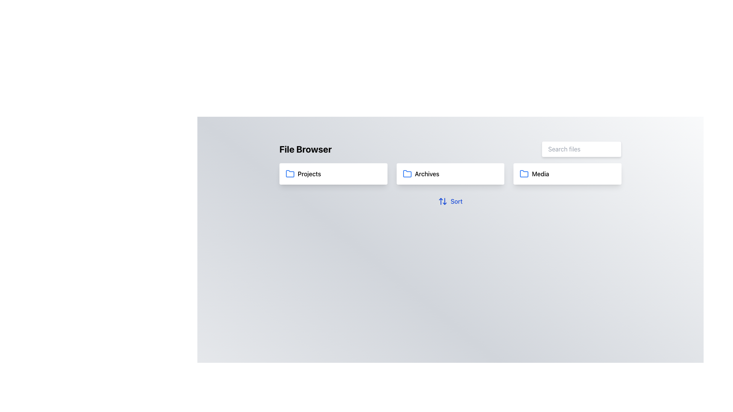  What do you see at coordinates (407, 174) in the screenshot?
I see `the 'Archives' folder icon, which is the second icon from the left in the file browser interface` at bounding box center [407, 174].